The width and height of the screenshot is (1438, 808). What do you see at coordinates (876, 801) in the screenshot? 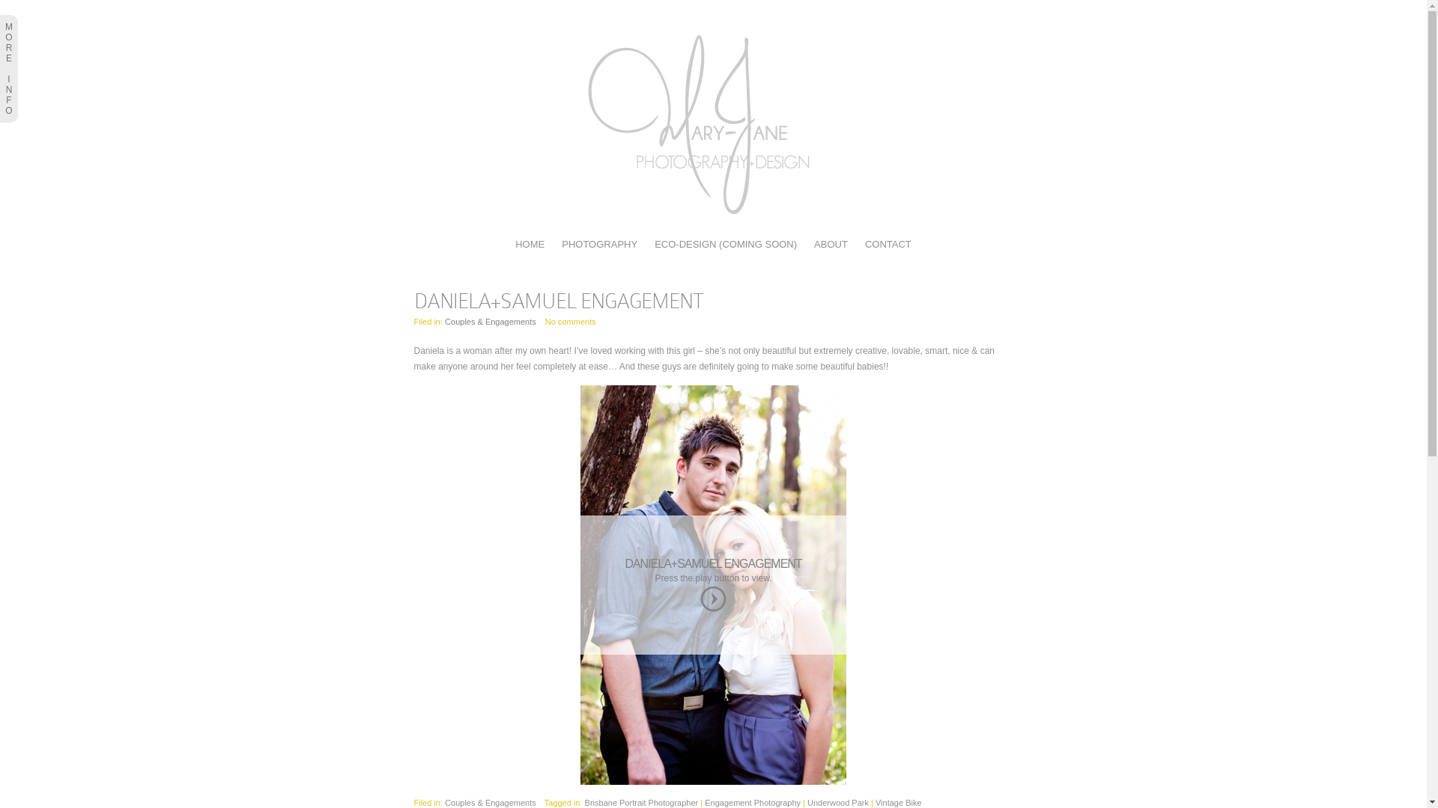
I see `'Vintage Bike'` at bounding box center [876, 801].